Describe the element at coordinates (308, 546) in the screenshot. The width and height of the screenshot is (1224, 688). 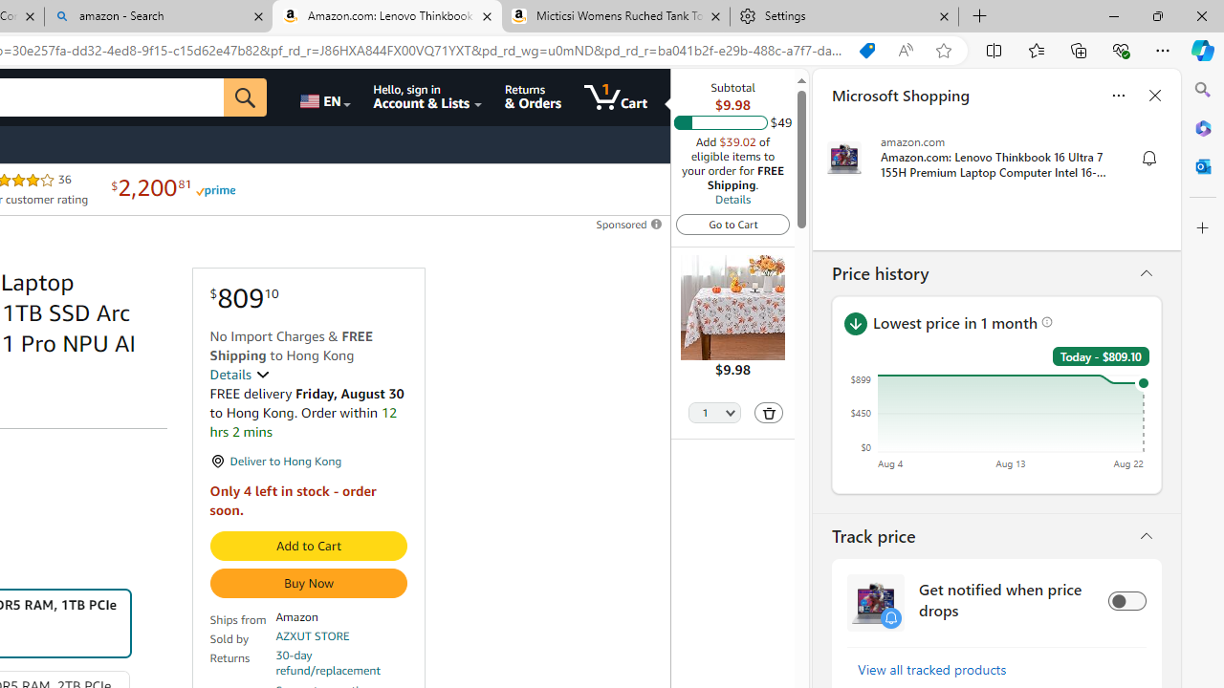
I see `'Add to Cart'` at that location.